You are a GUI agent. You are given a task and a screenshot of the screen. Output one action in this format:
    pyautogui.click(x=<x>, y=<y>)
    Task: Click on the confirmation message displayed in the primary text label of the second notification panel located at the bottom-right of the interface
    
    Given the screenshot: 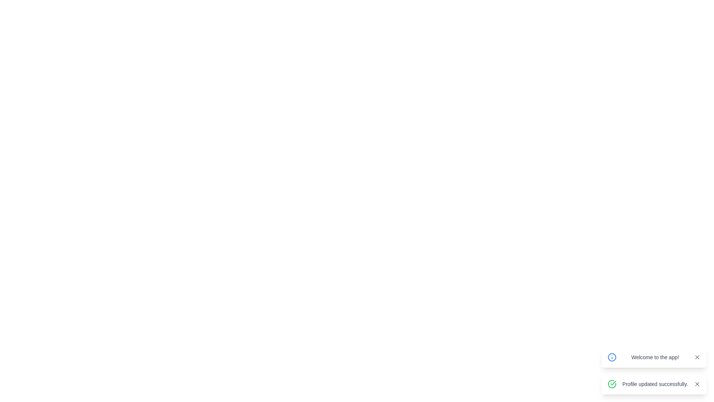 What is the action you would take?
    pyautogui.click(x=655, y=384)
    